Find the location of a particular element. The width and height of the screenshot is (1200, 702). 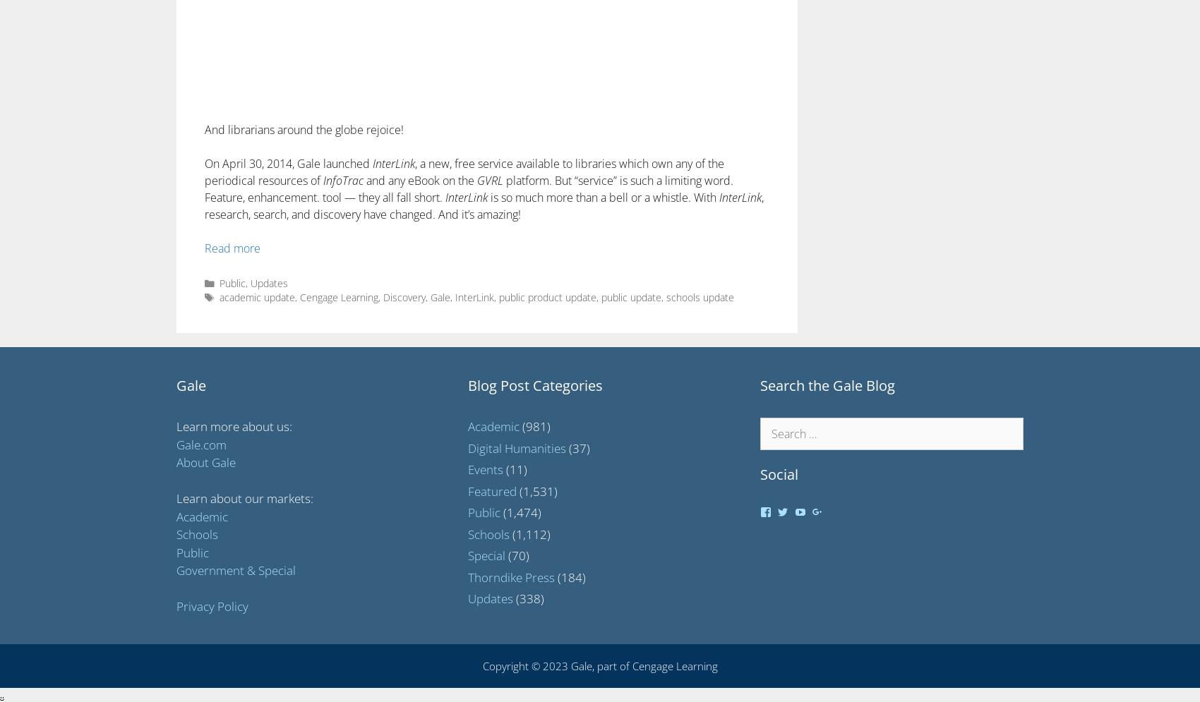

'(338)' is located at coordinates (528, 598).